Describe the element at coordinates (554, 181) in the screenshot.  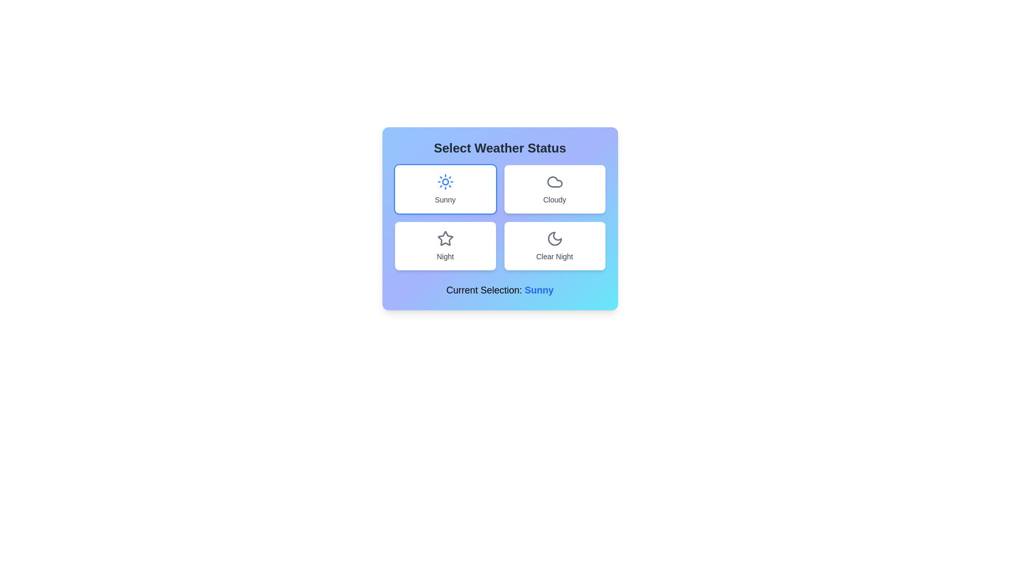
I see `the cloudy weather icon located in the top-right corner of the weather selection grid` at that location.